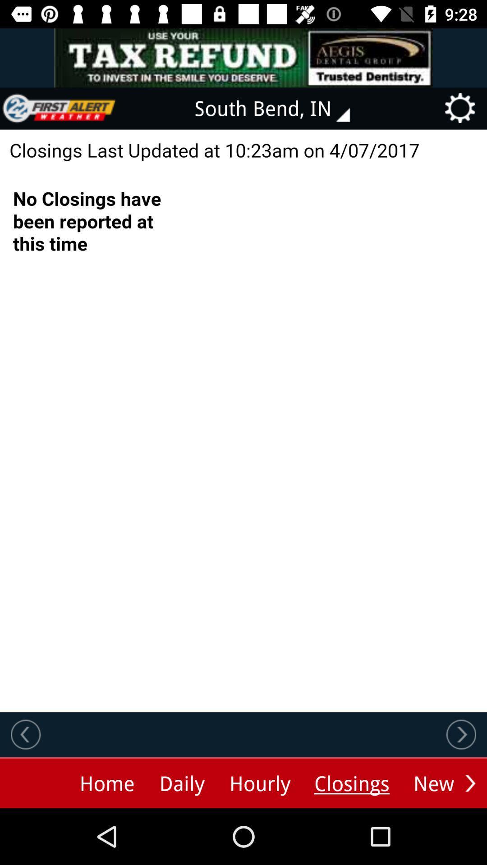 This screenshot has height=865, width=487. Describe the element at coordinates (470, 783) in the screenshot. I see `next menu` at that location.